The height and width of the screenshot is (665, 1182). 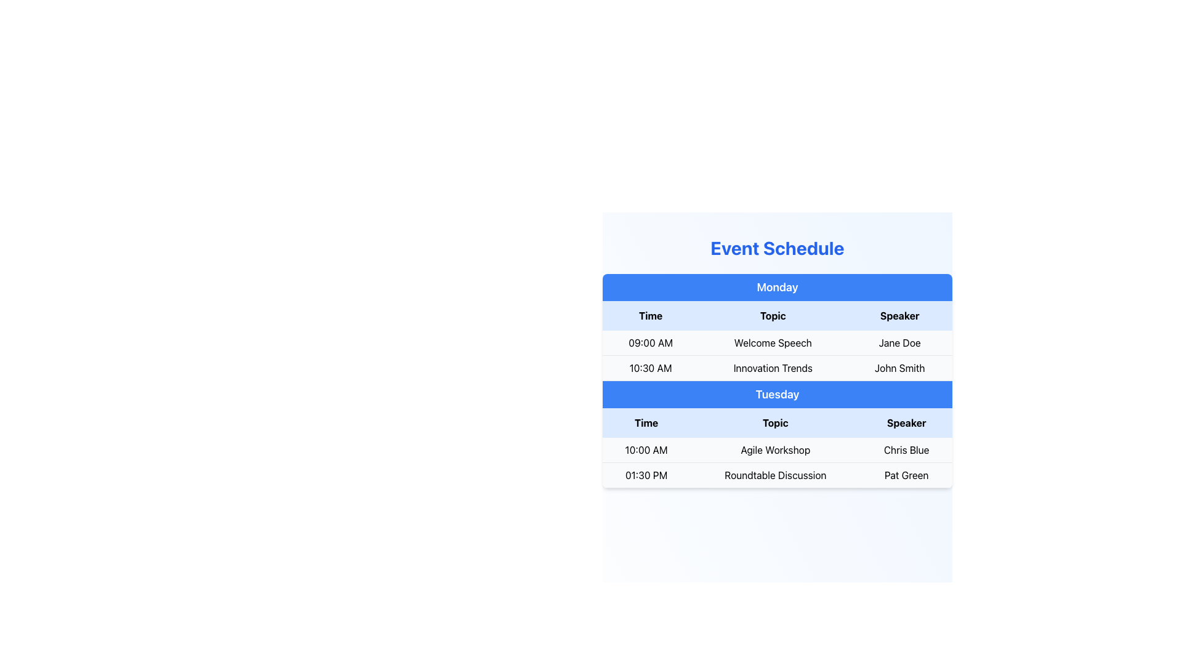 What do you see at coordinates (772, 315) in the screenshot?
I see `the second column header labeled 'Topic' in the Event Schedule table` at bounding box center [772, 315].